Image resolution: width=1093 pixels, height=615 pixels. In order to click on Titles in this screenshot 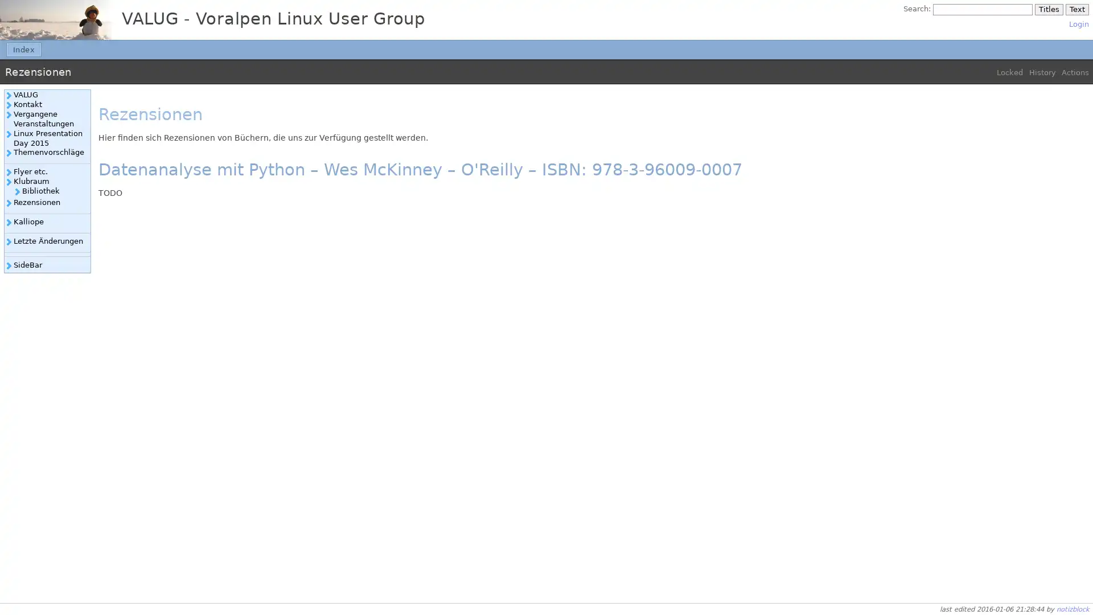, I will do `click(1048, 9)`.